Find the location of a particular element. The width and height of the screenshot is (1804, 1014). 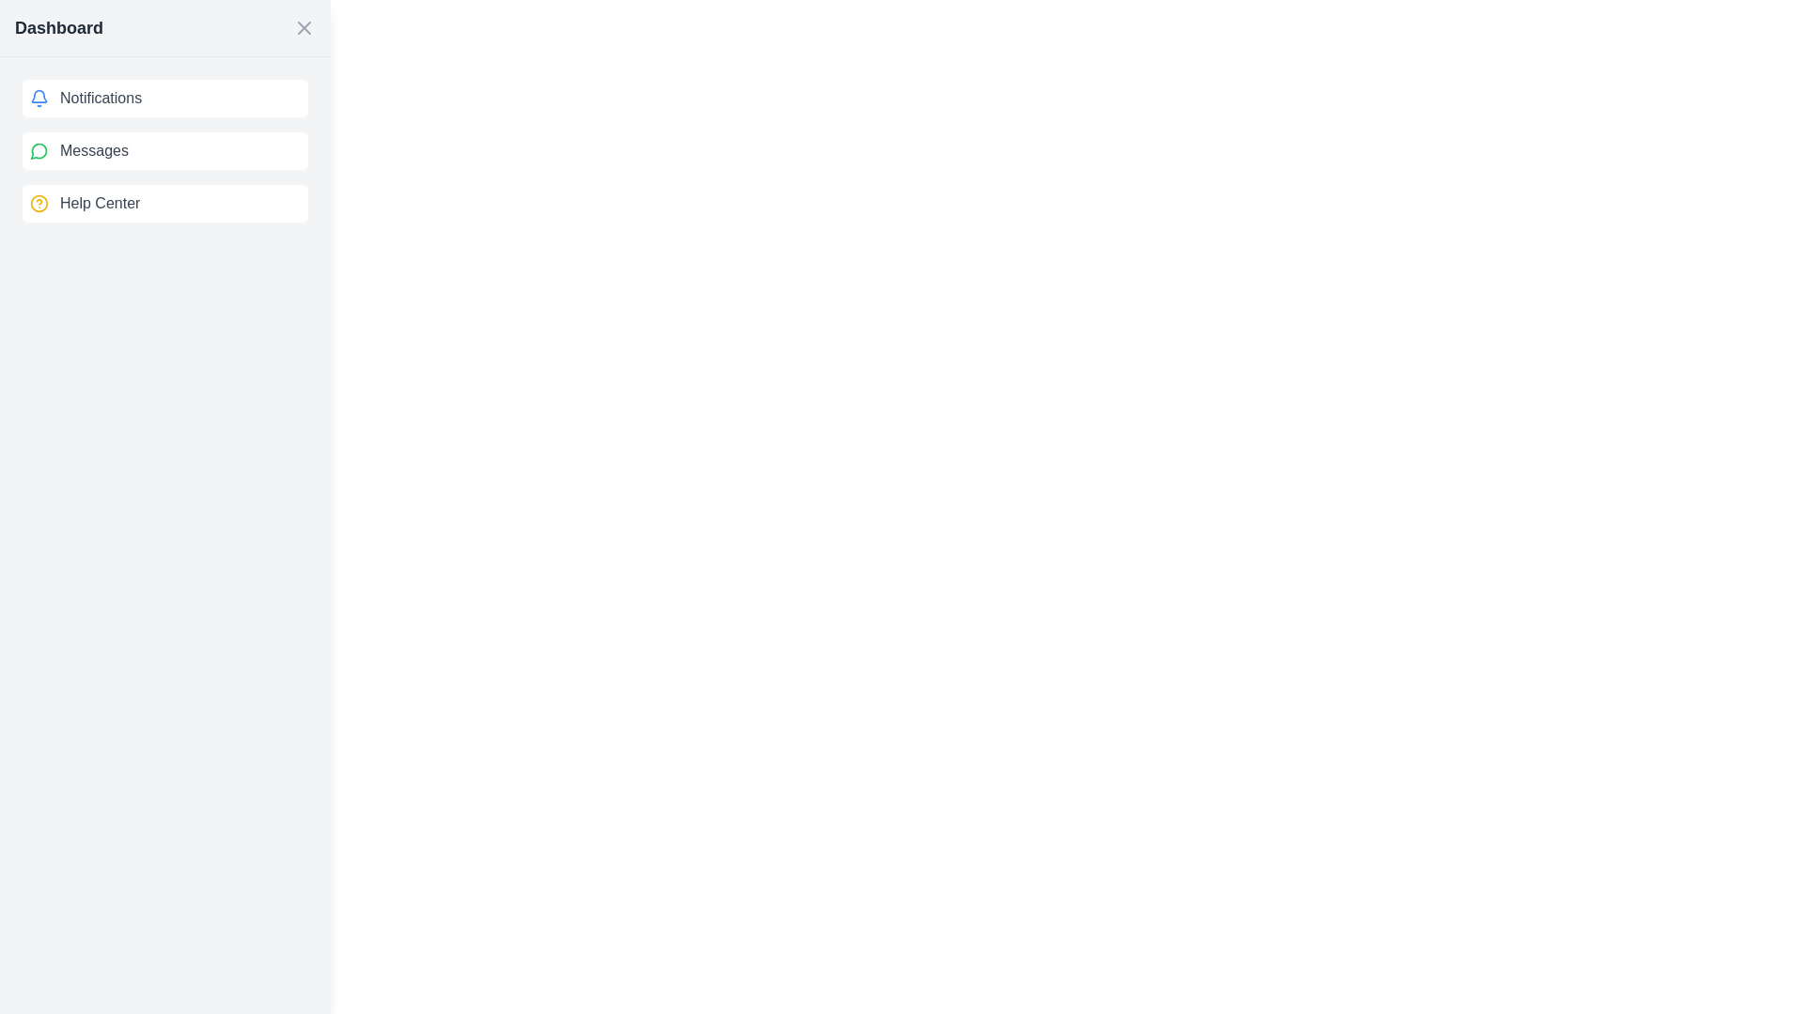

the close button represented by a diagonal cross (X) in a square shape located in the upper right corner of the left sidebar, next to the 'Dashboard' label is located at coordinates (304, 28).